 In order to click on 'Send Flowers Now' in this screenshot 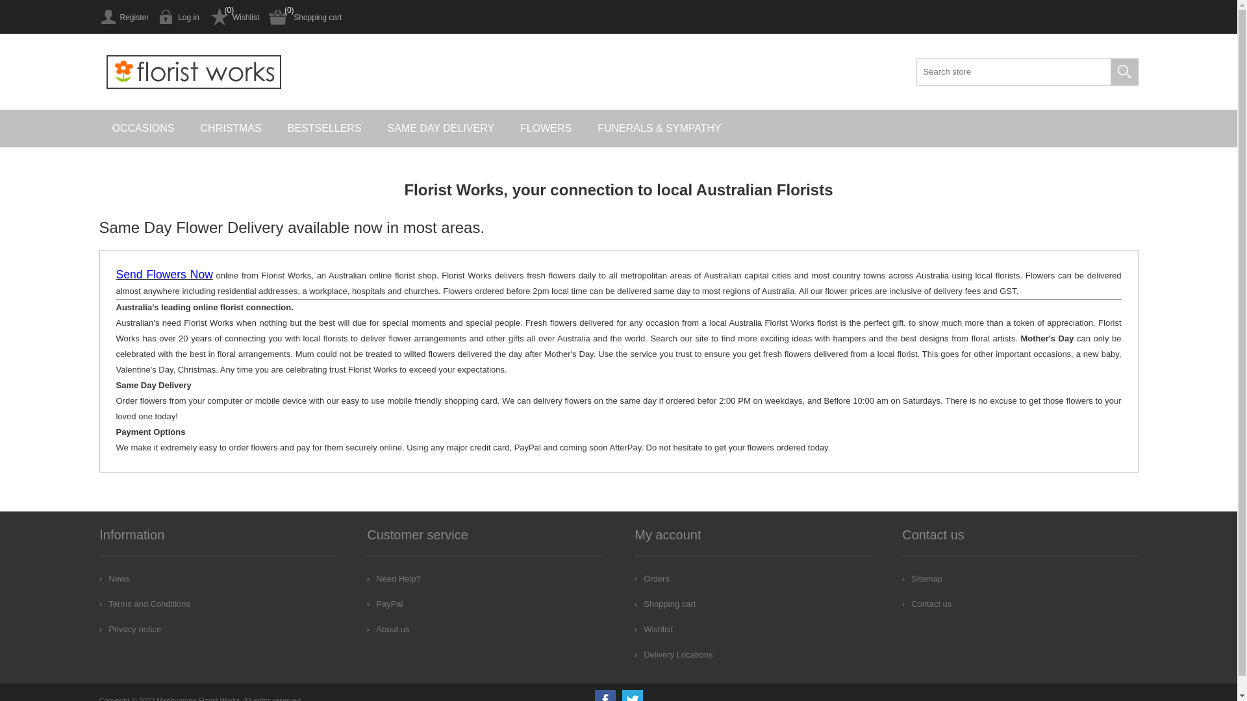, I will do `click(163, 275)`.